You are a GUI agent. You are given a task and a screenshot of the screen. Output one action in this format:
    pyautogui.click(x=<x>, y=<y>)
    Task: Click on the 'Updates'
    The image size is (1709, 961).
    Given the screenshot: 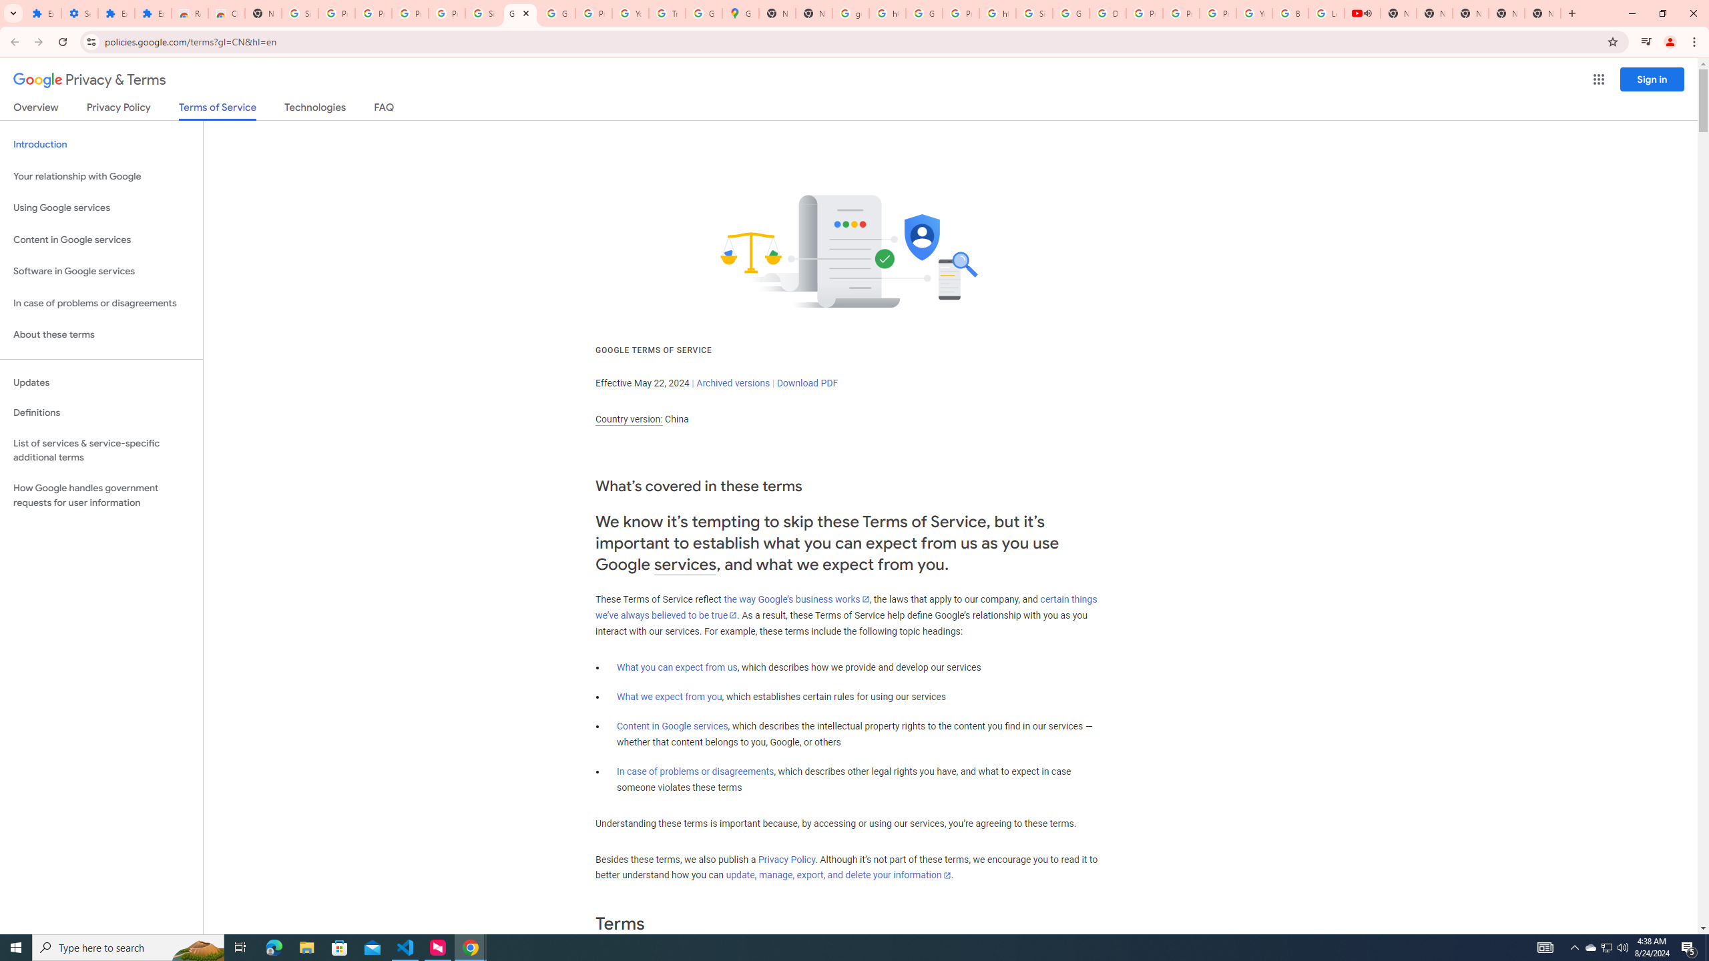 What is the action you would take?
    pyautogui.click(x=101, y=382)
    